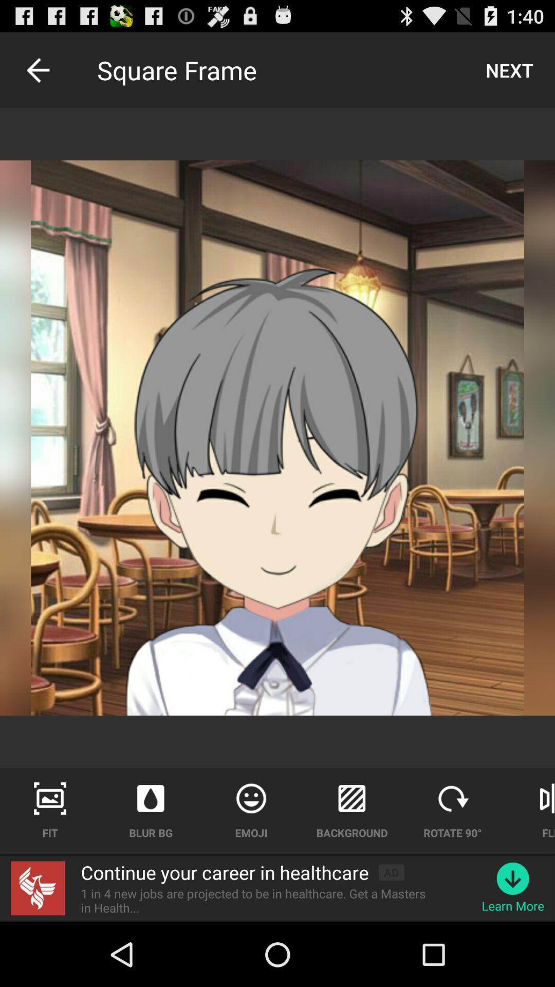  Describe the element at coordinates (259, 900) in the screenshot. I see `1 in 4 icon` at that location.